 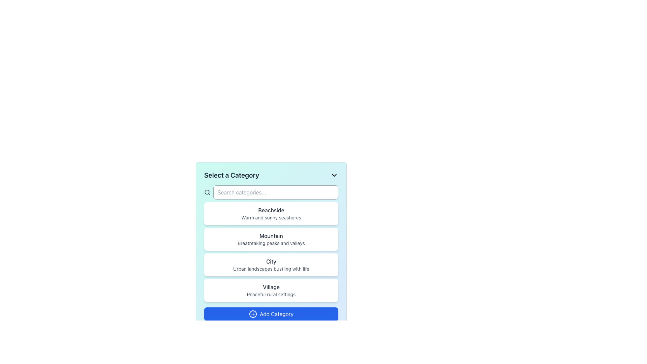 I want to click on the text label element reading 'Breathtaking peaks and valleys', which is styled in light gray and located beneath the title 'Mountain' within a white rectangular tile, so click(x=271, y=243).